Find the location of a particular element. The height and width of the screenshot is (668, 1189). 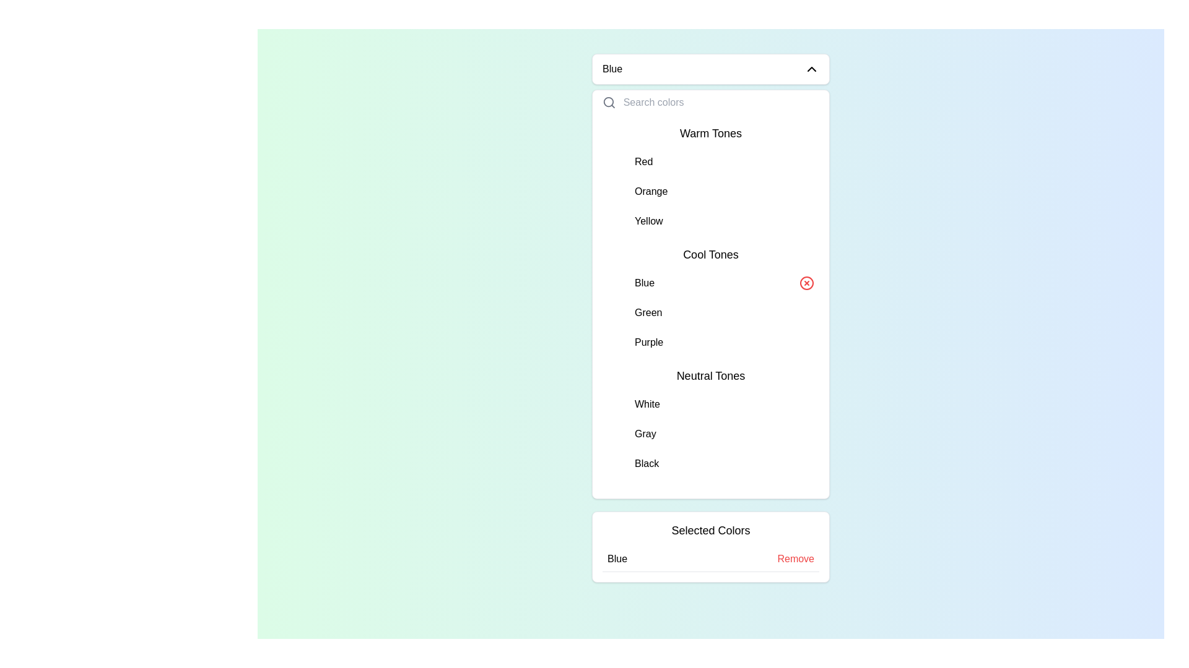

the interactive text link styled as a button located at the right-hand side of the 'Selected Colors' section is located at coordinates (796, 559).